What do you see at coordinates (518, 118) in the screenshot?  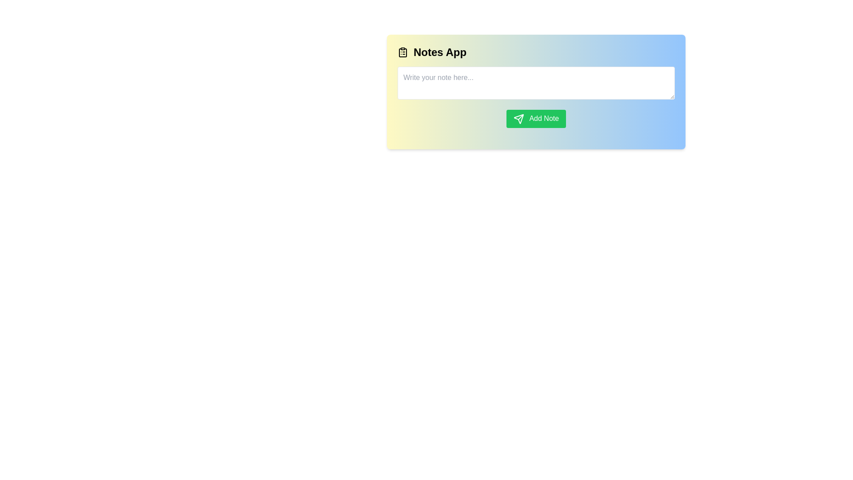 I see `the icon representing the action of submitting or adding a note, located to the left of the text label inside the green 'Add Note' button` at bounding box center [518, 118].